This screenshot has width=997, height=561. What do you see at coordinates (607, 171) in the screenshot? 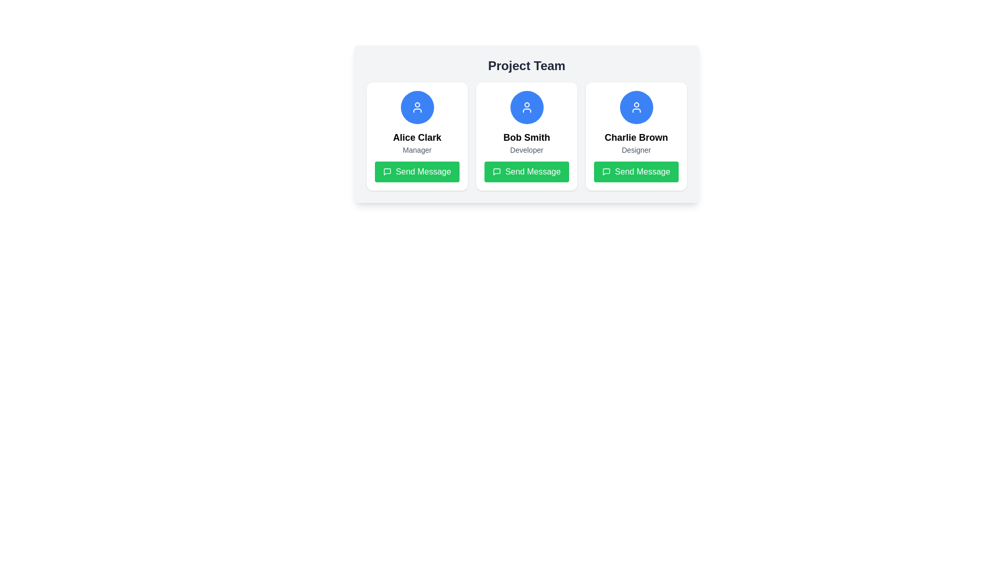
I see `the speech bubble icon located to the left of the green 'Send Message' button for the third person, 'Charlie Brown'` at bounding box center [607, 171].